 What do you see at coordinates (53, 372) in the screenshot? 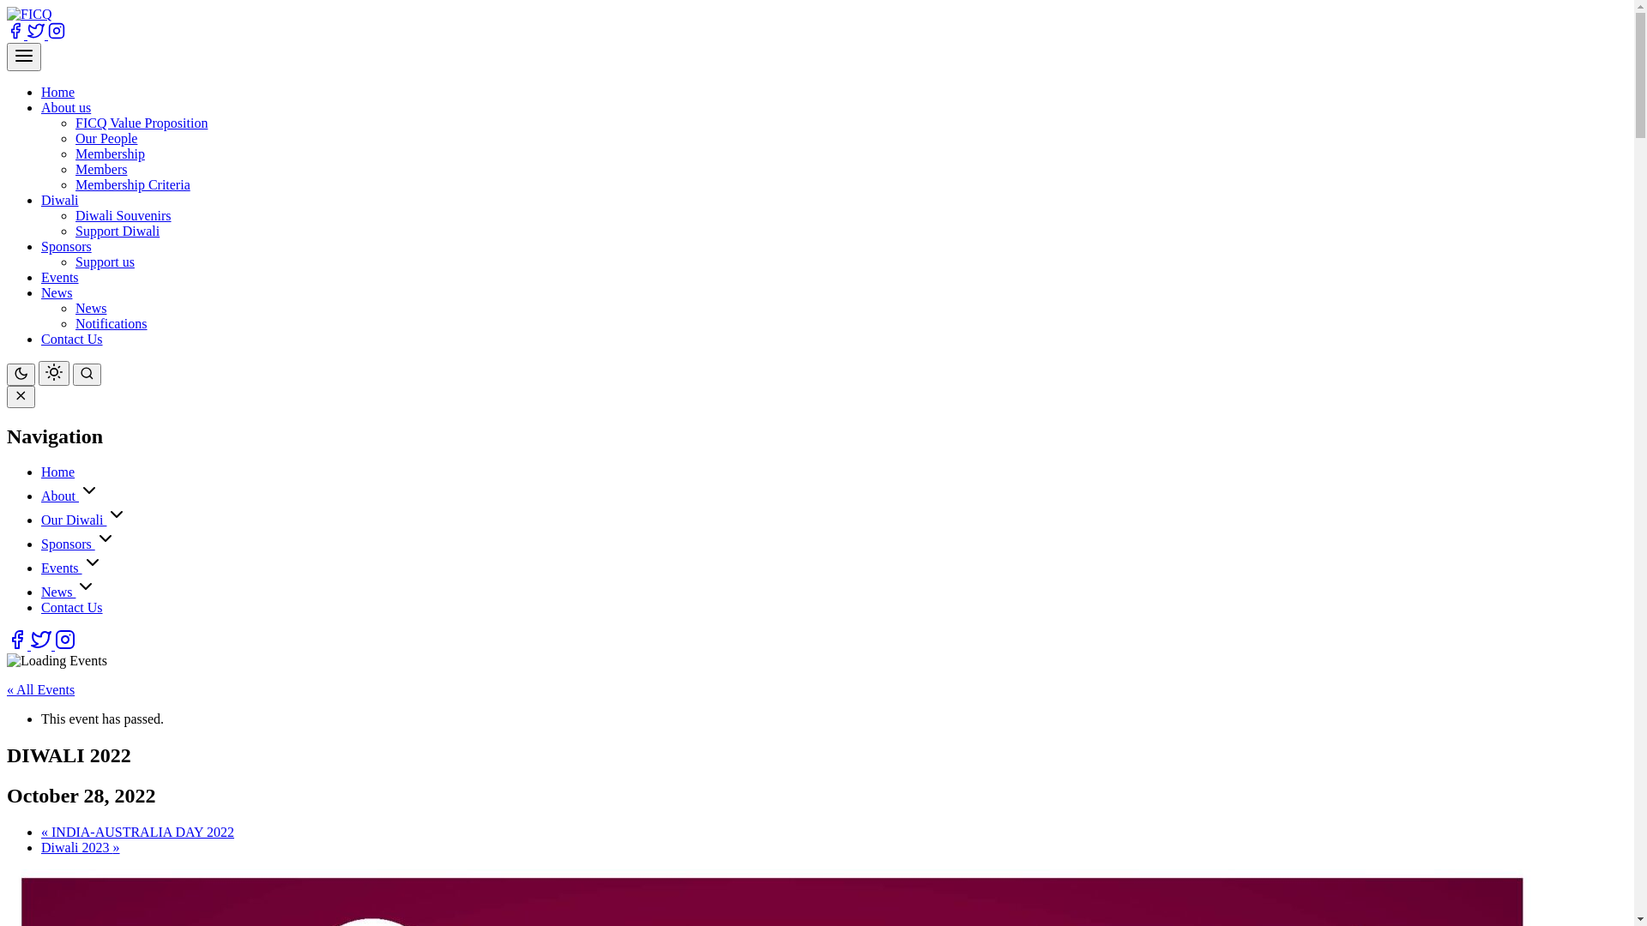
I see `'Toggle Darkmode'` at bounding box center [53, 372].